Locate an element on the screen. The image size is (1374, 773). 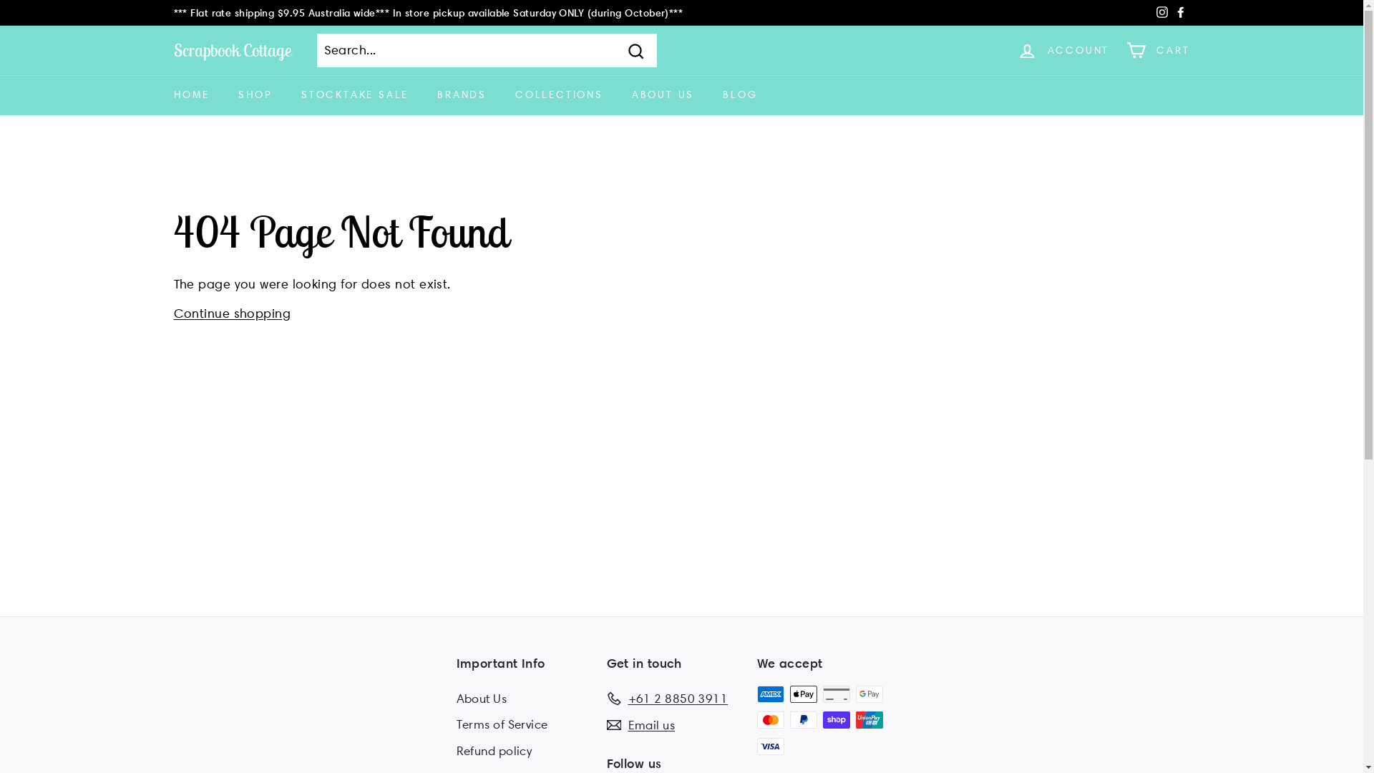
'Continue shopping' is located at coordinates (172, 312).